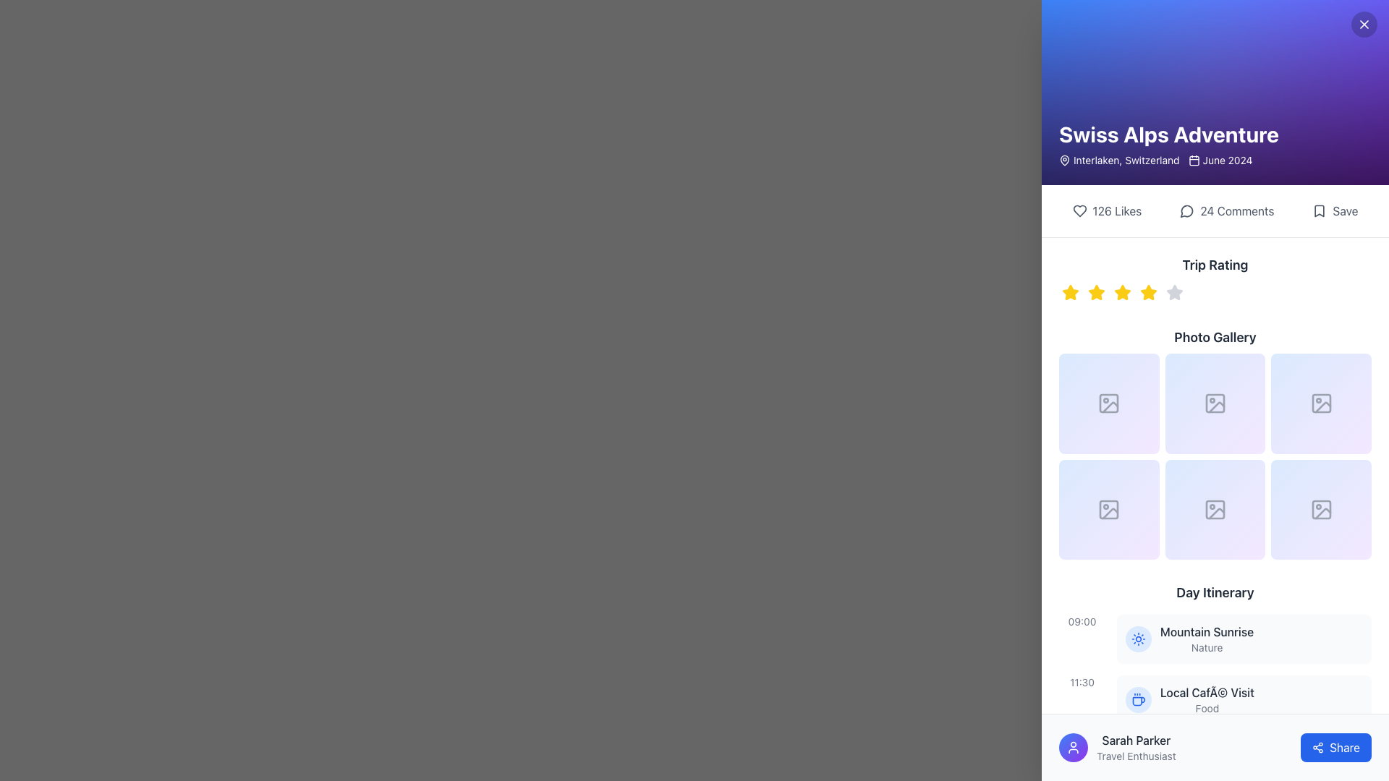  I want to click on informational text indicating the location 'Interlaken, Switzerland' and date 'June 2024' near the top-left corner of the purple header section, following the title 'Swiss Alps Adventure', so click(1169, 161).